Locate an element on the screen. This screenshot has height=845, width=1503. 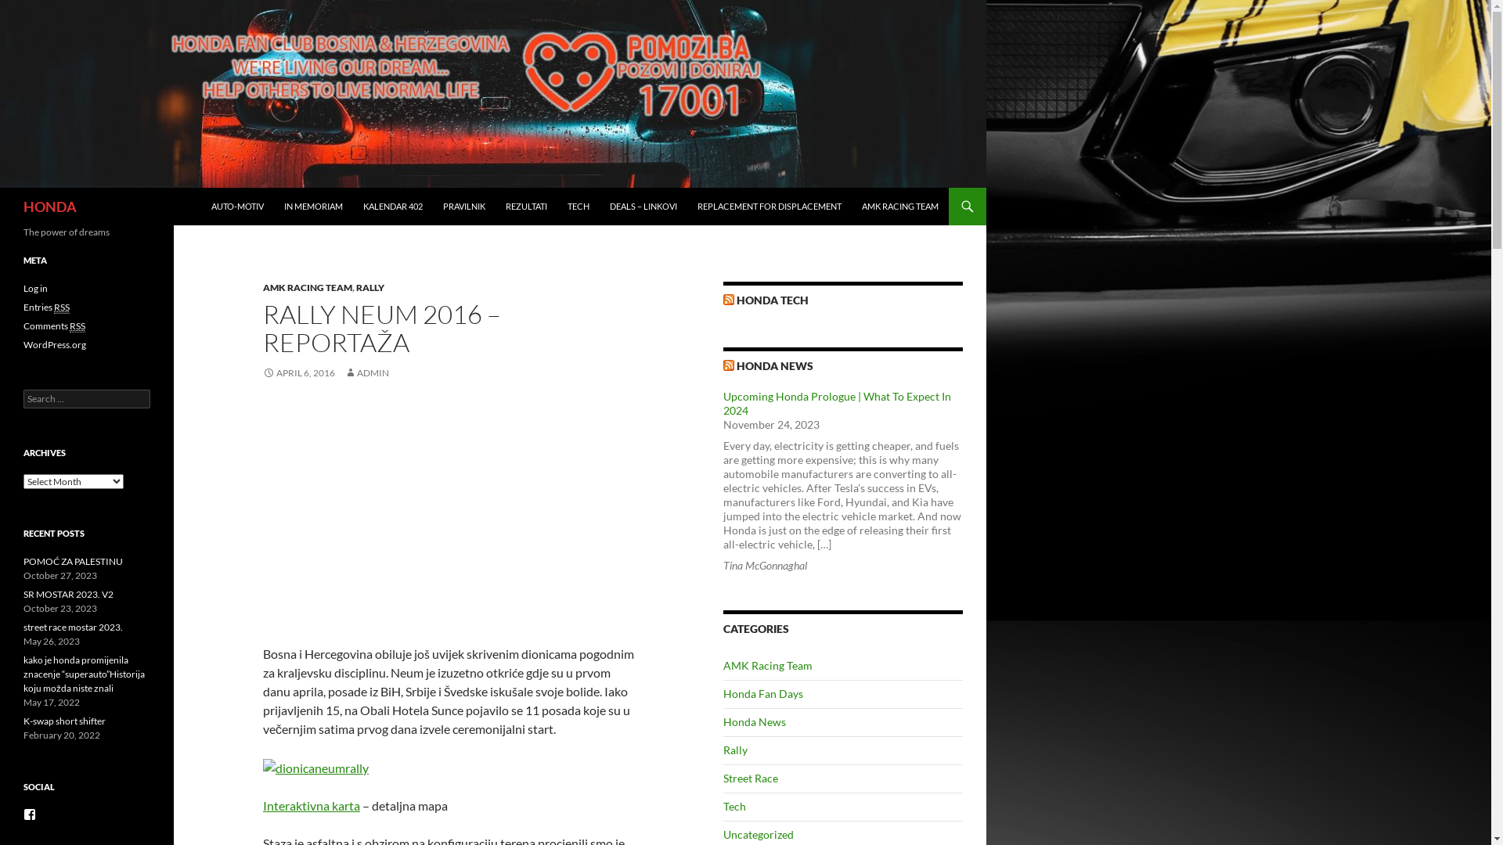
'REPLACEMENT FOR DISPLACEMENT' is located at coordinates (770, 205).